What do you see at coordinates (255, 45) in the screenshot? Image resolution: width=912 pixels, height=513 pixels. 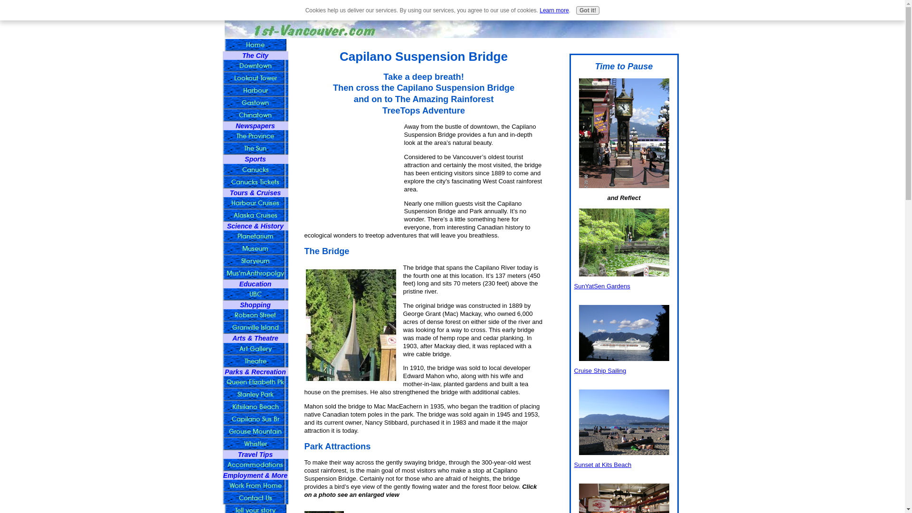 I see `'Home'` at bounding box center [255, 45].